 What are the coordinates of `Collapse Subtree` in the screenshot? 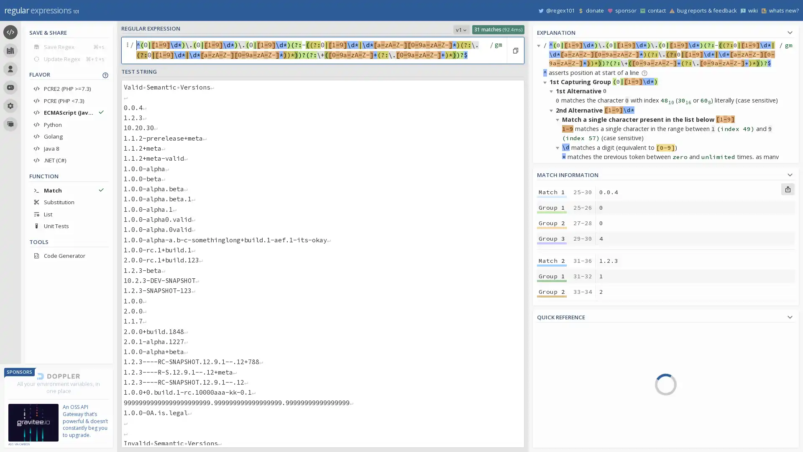 It's located at (552, 214).